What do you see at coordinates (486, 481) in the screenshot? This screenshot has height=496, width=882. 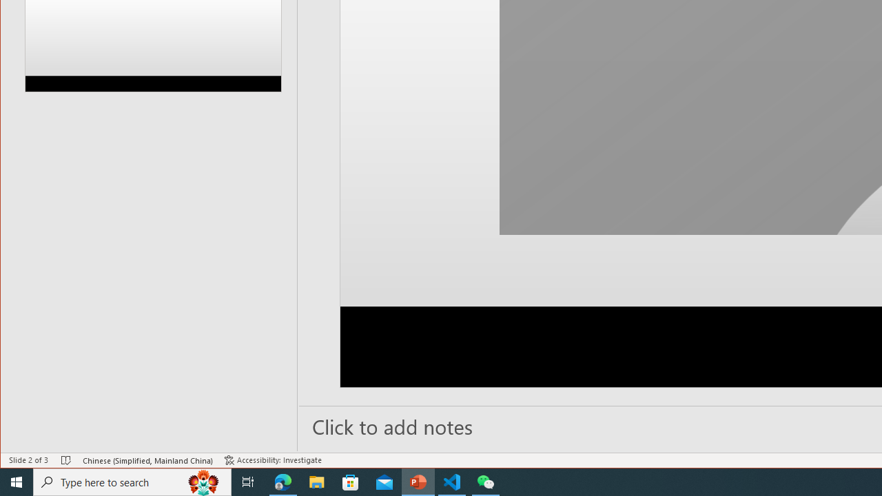 I see `'WeChat - 1 running window'` at bounding box center [486, 481].